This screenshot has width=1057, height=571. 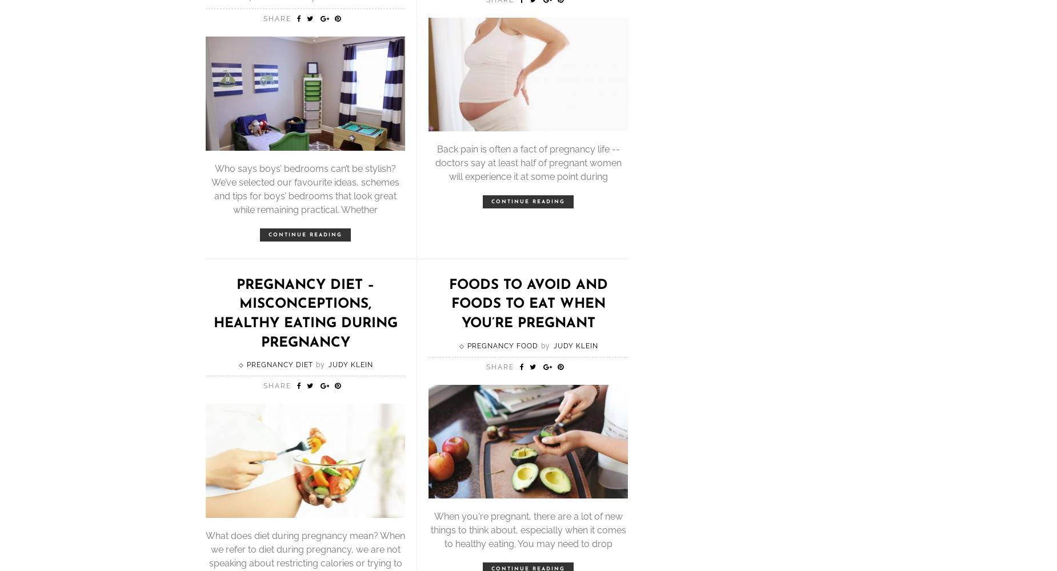 What do you see at coordinates (502, 345) in the screenshot?
I see `'Pregnancy Food'` at bounding box center [502, 345].